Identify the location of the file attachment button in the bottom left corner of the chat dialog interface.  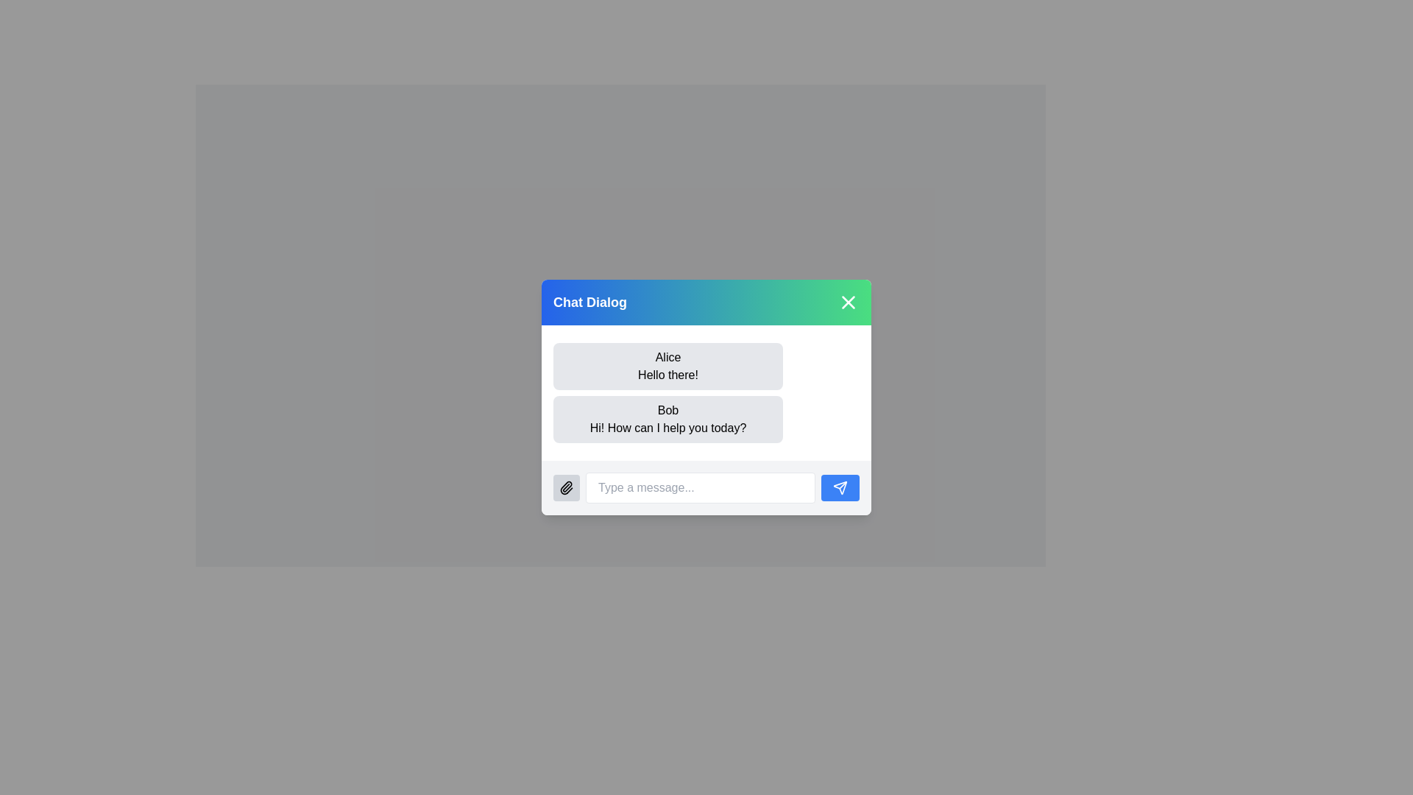
(565, 488).